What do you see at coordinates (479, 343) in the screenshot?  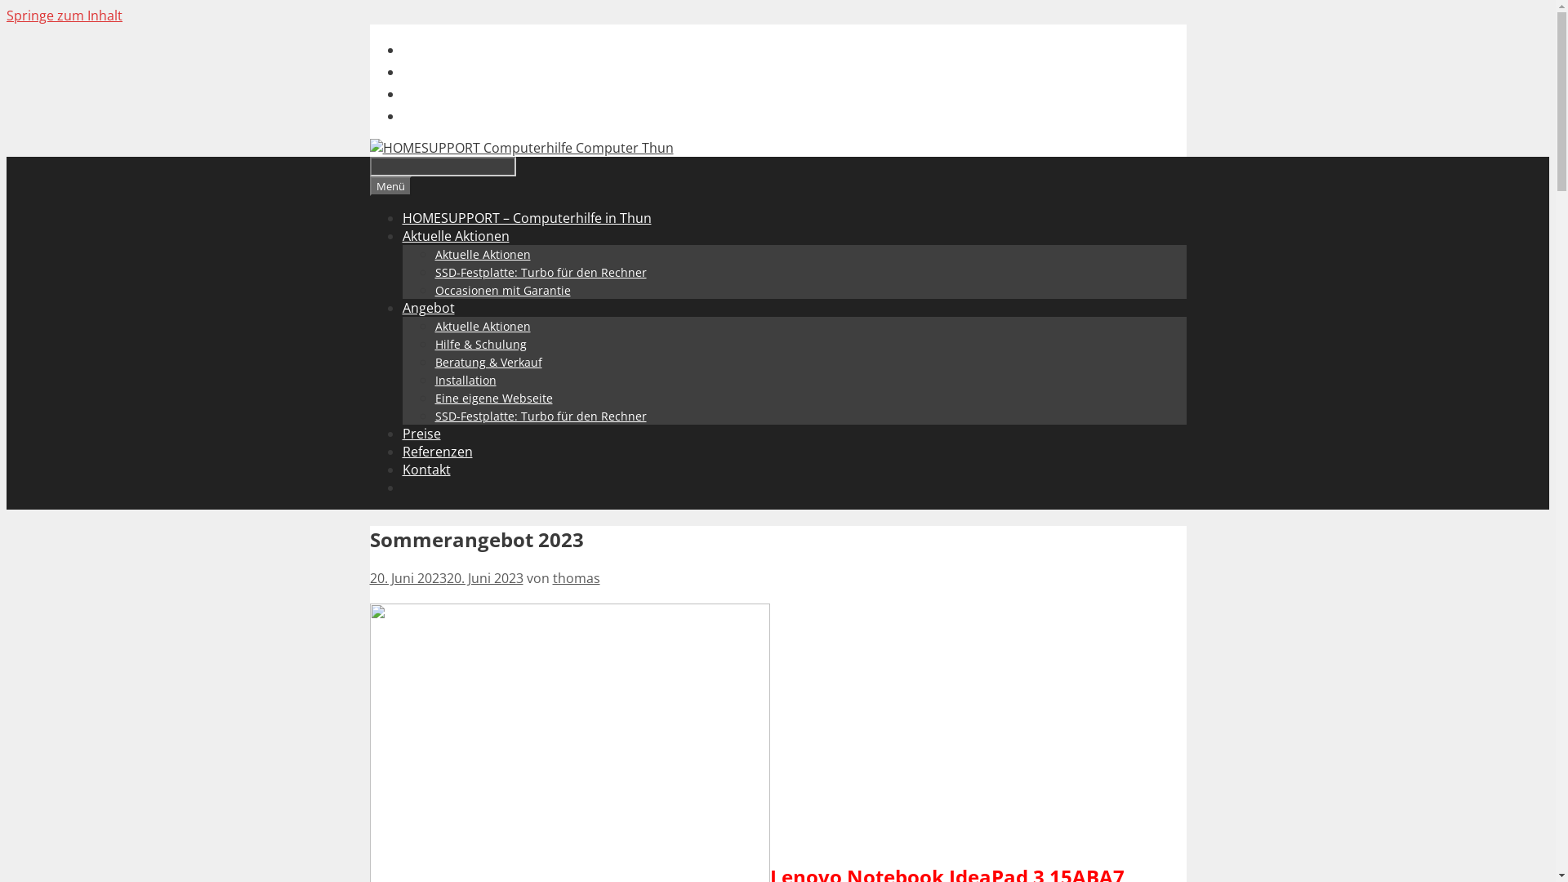 I see `'Hilfe & Schulung'` at bounding box center [479, 343].